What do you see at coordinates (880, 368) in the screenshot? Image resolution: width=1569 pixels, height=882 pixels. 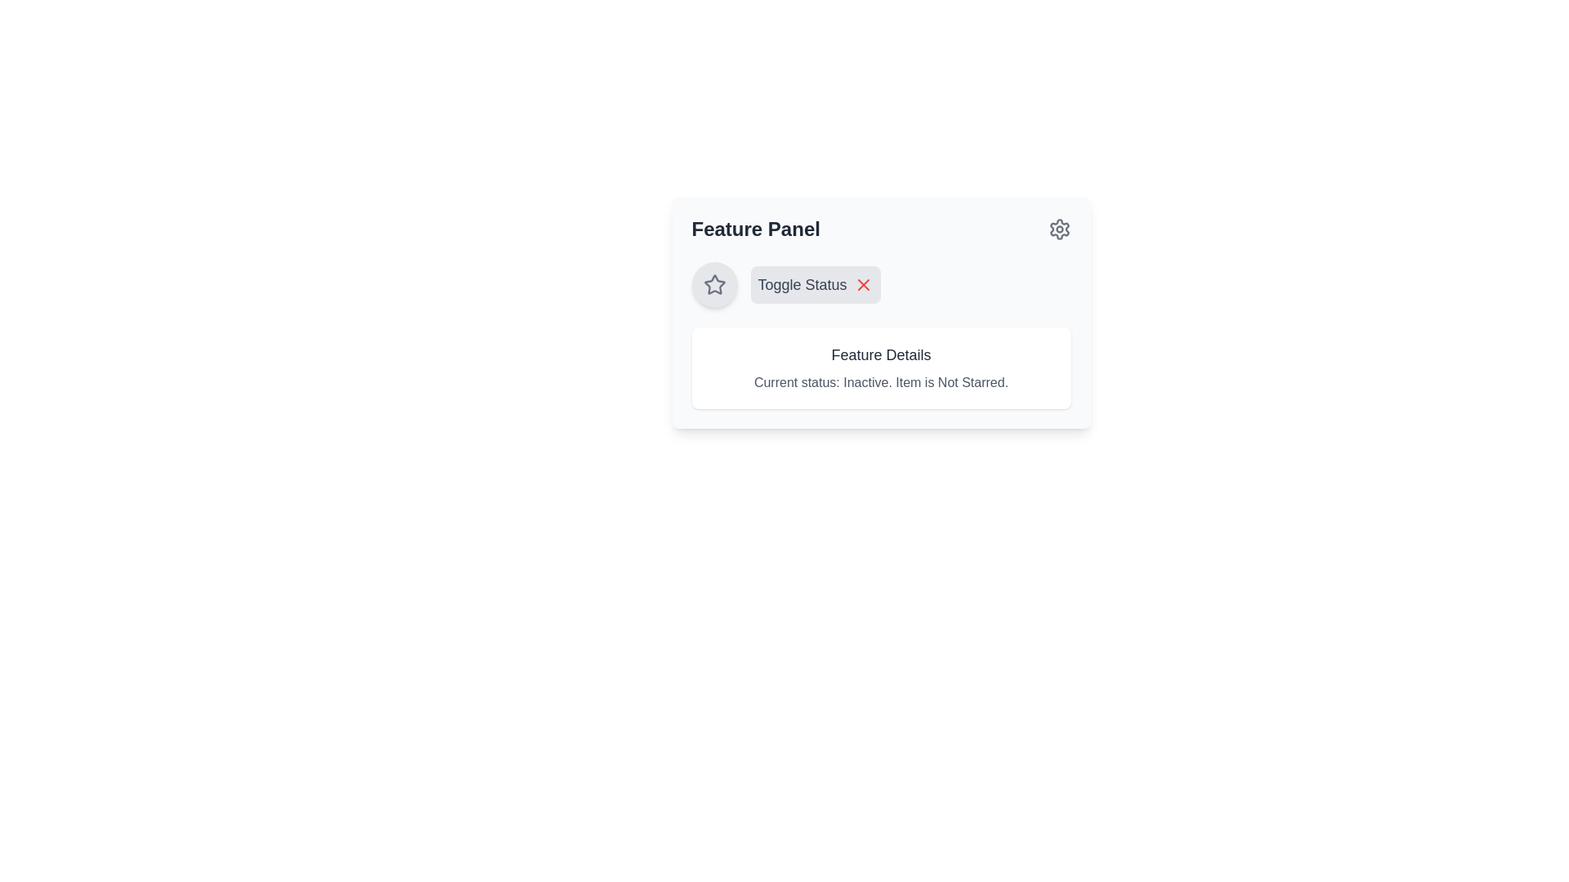 I see `the informational text block that displays feature information, located centrally within the 'Feature Panel' below the 'Toggle Status' button` at bounding box center [880, 368].